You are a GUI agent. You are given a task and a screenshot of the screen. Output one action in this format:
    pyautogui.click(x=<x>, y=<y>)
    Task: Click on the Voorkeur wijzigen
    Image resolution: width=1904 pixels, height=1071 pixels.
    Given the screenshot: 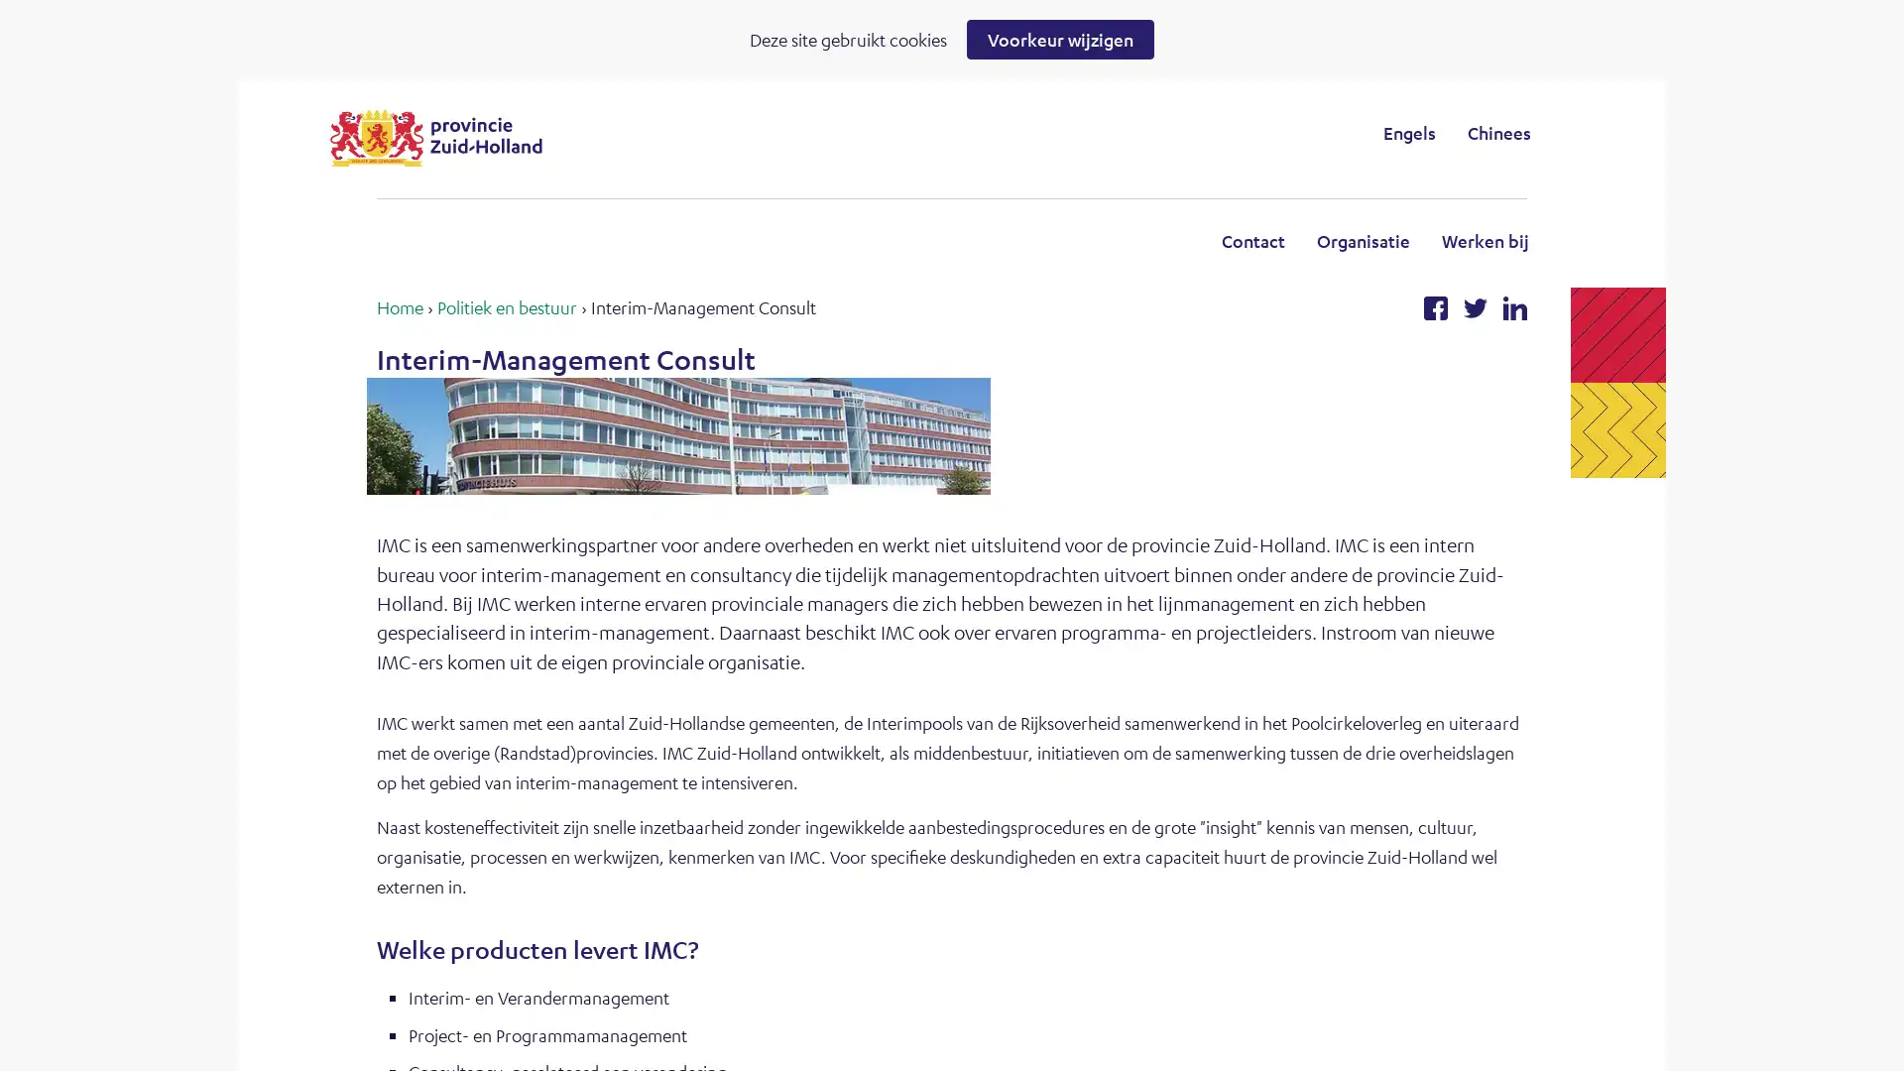 What is the action you would take?
    pyautogui.click(x=1059, y=39)
    